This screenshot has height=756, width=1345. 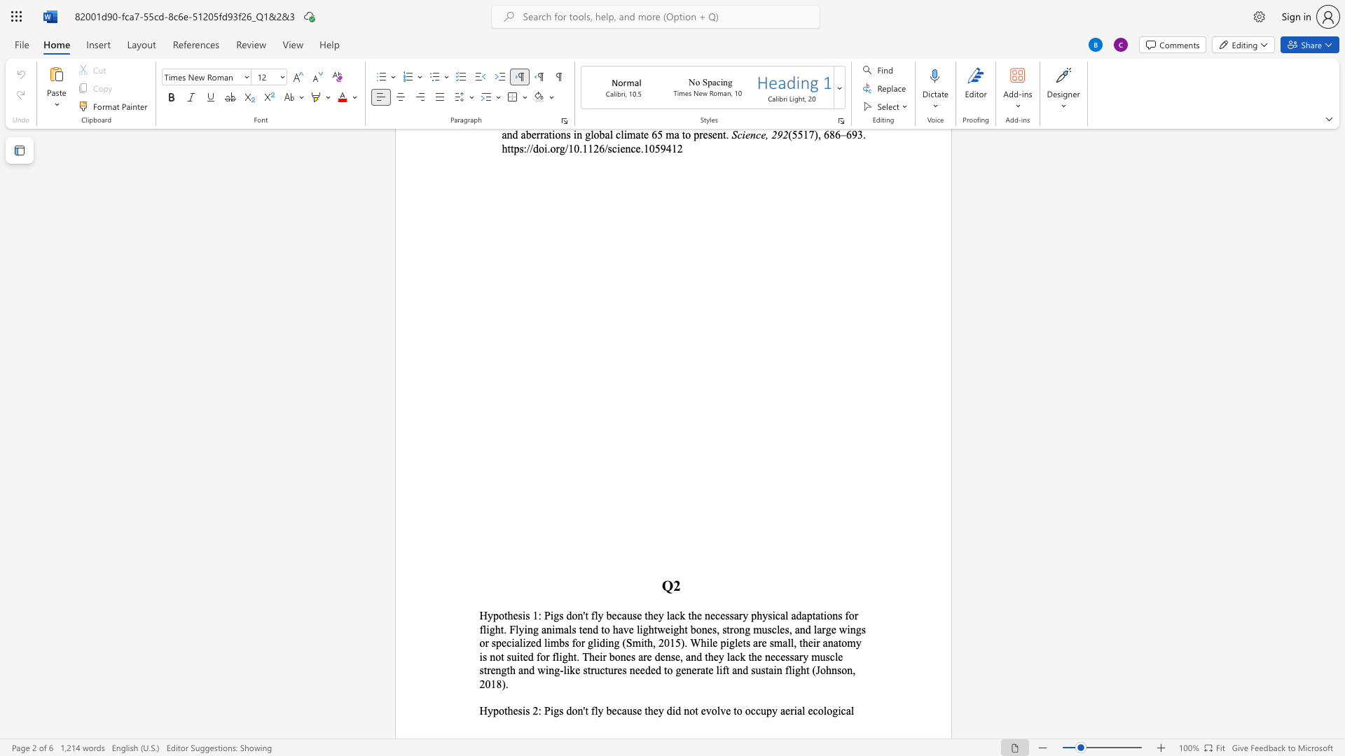 What do you see at coordinates (549, 615) in the screenshot?
I see `the space between the continuous character "P" and "i" in the text` at bounding box center [549, 615].